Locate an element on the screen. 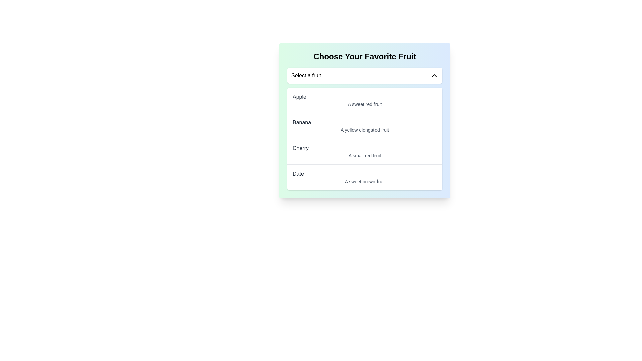 This screenshot has height=361, width=642. the list item labeled 'Apple' in the dropdown menu is located at coordinates (364, 100).